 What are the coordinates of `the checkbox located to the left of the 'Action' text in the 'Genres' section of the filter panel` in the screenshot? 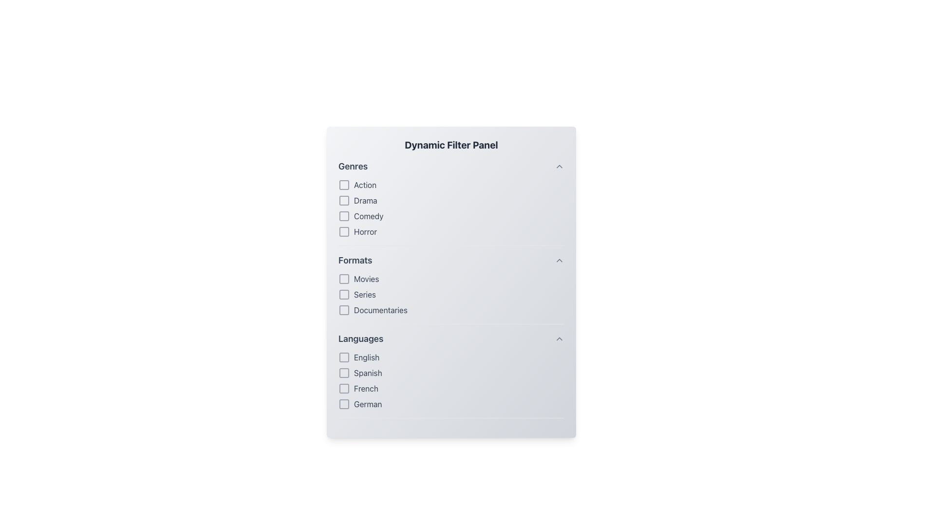 It's located at (344, 185).